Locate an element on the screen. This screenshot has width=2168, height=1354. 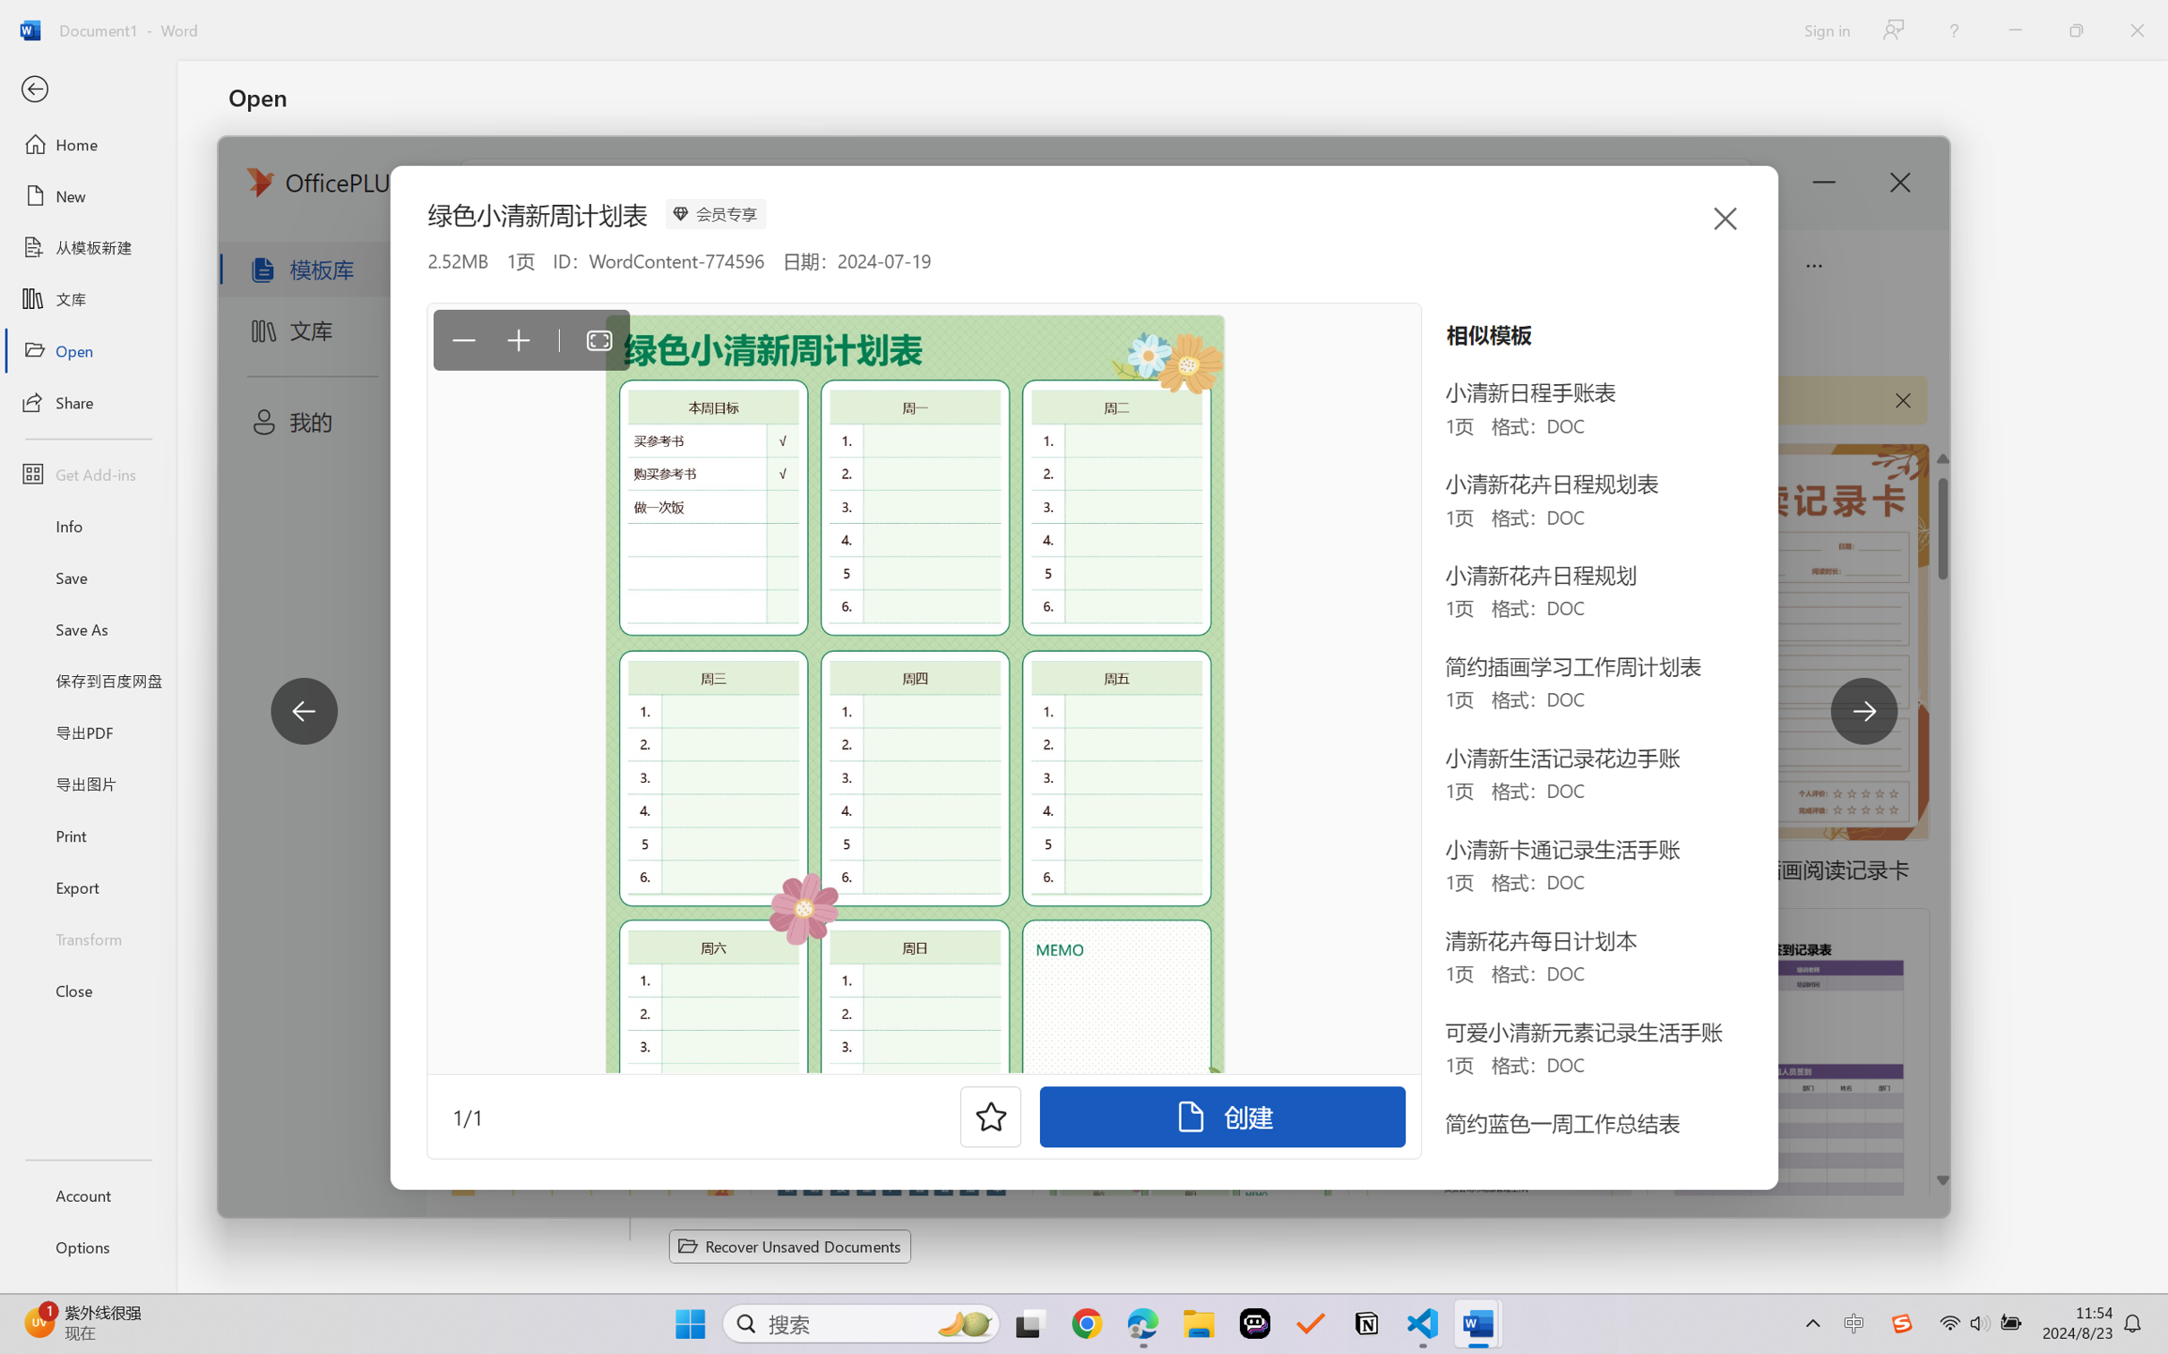
'Export' is located at coordinates (87, 886).